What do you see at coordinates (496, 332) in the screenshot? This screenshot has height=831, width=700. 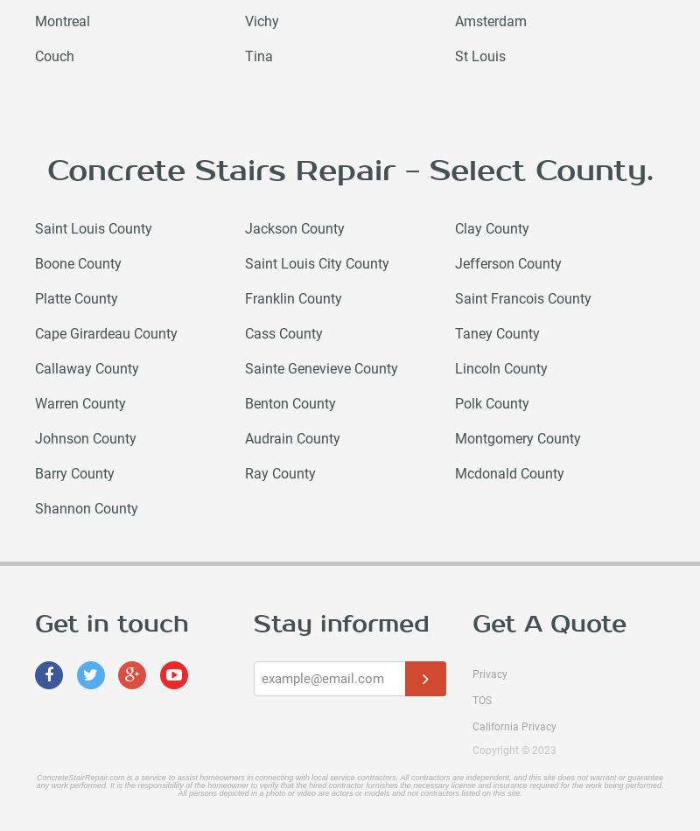 I see `'Taney County'` at bounding box center [496, 332].